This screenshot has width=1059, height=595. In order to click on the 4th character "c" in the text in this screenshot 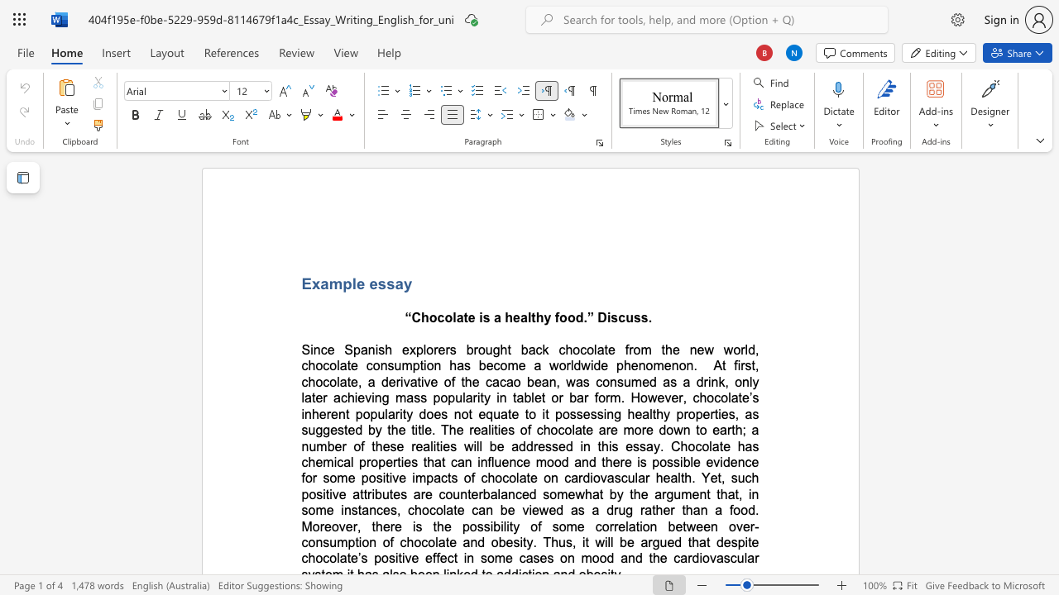, I will do `click(568, 478)`.